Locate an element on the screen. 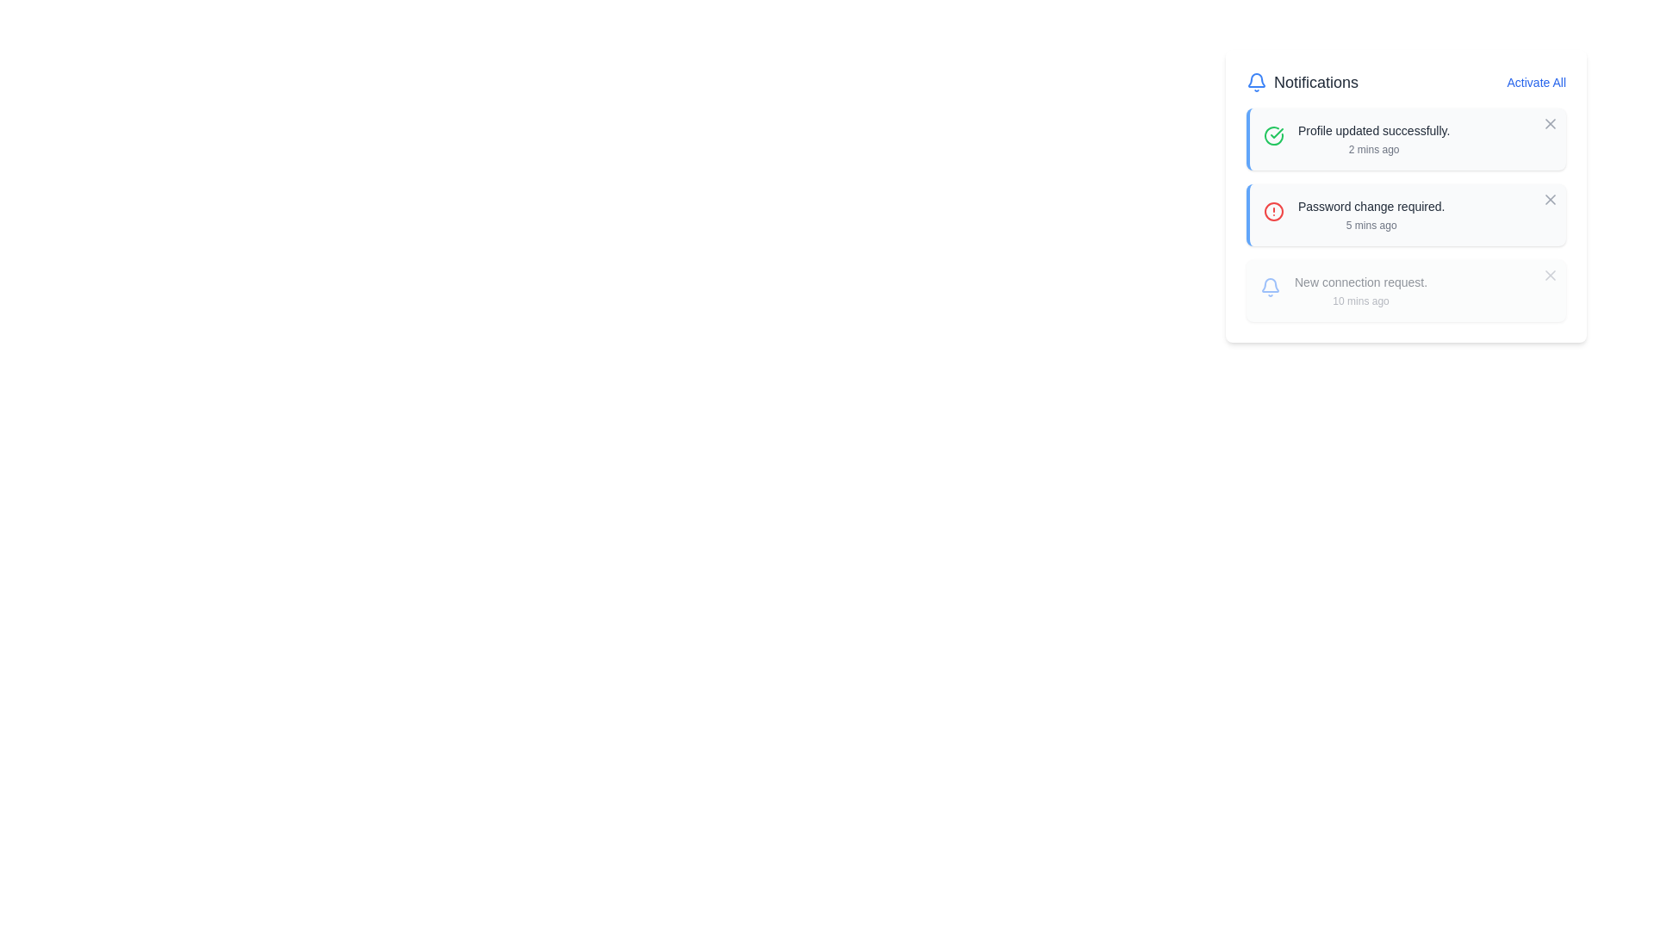  the blue outlined bell icon located in the notifications header section, positioned to the left of the 'Notifications' text is located at coordinates (1257, 83).